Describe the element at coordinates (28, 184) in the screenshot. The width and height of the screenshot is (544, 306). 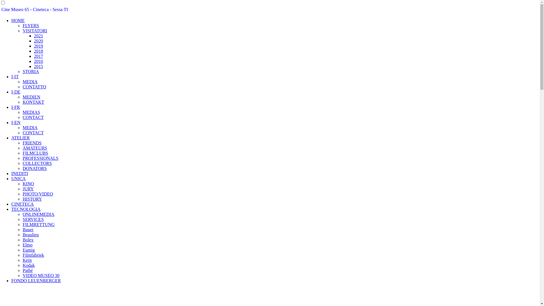
I see `'KINO'` at that location.